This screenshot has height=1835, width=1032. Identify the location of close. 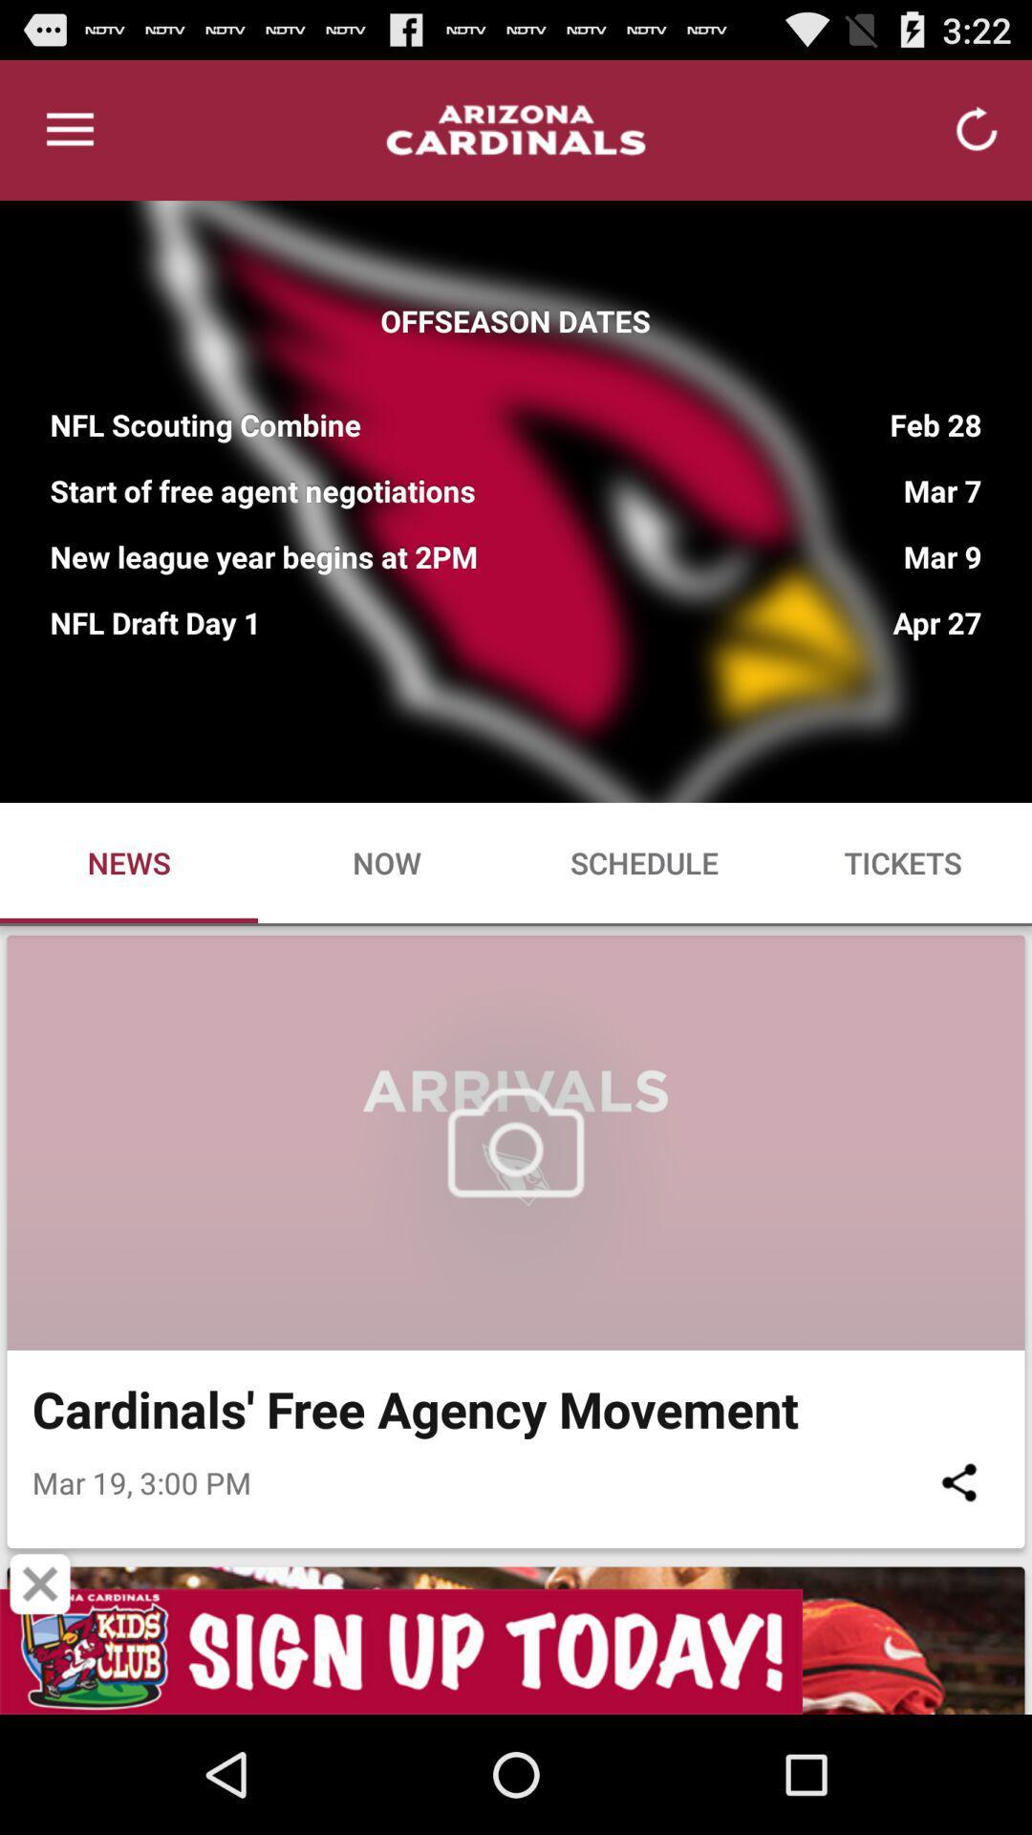
(40, 1584).